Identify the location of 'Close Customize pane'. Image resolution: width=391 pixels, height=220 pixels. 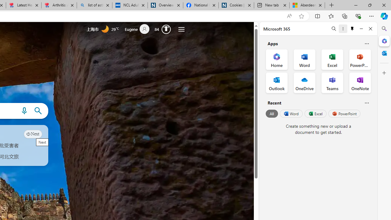
(384, 73).